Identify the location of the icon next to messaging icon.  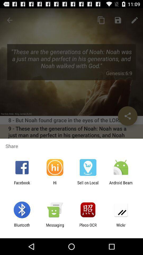
(88, 227).